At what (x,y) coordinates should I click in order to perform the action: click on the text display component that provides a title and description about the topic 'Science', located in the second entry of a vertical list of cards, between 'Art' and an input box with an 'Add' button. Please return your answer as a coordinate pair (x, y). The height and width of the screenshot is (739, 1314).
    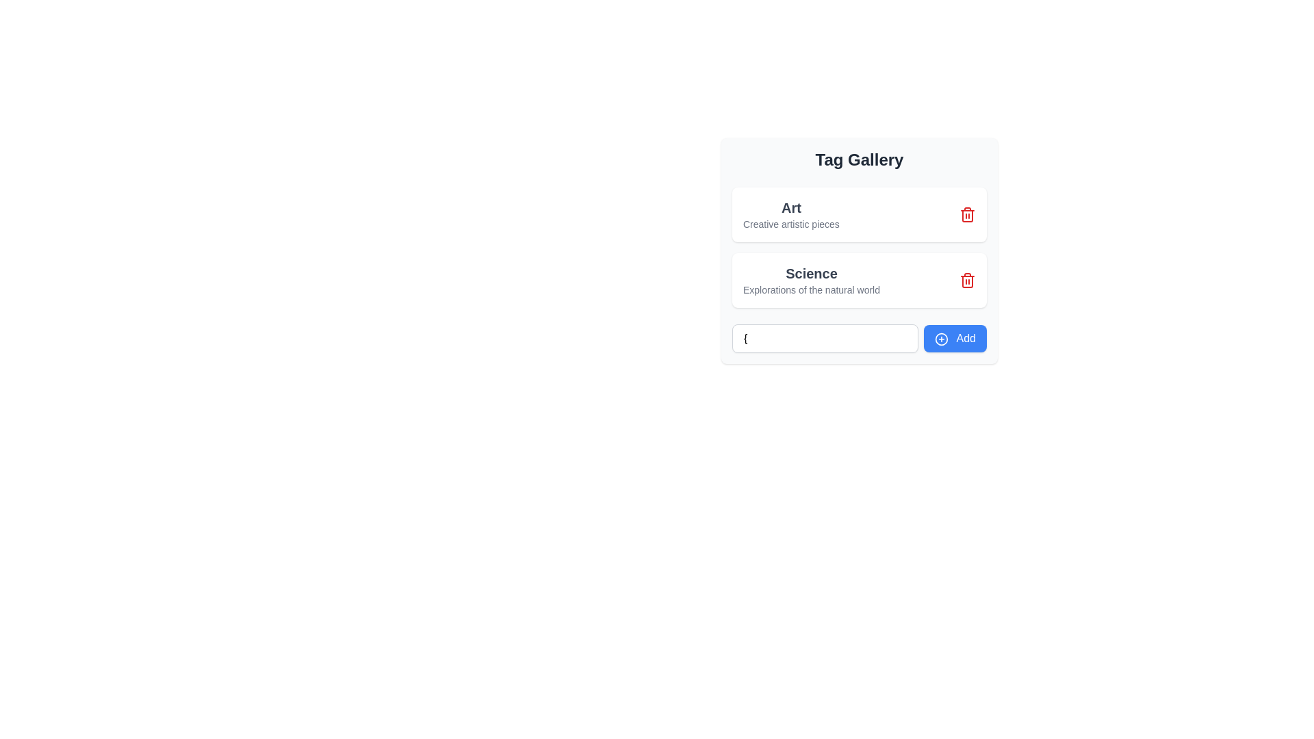
    Looking at the image, I should click on (811, 279).